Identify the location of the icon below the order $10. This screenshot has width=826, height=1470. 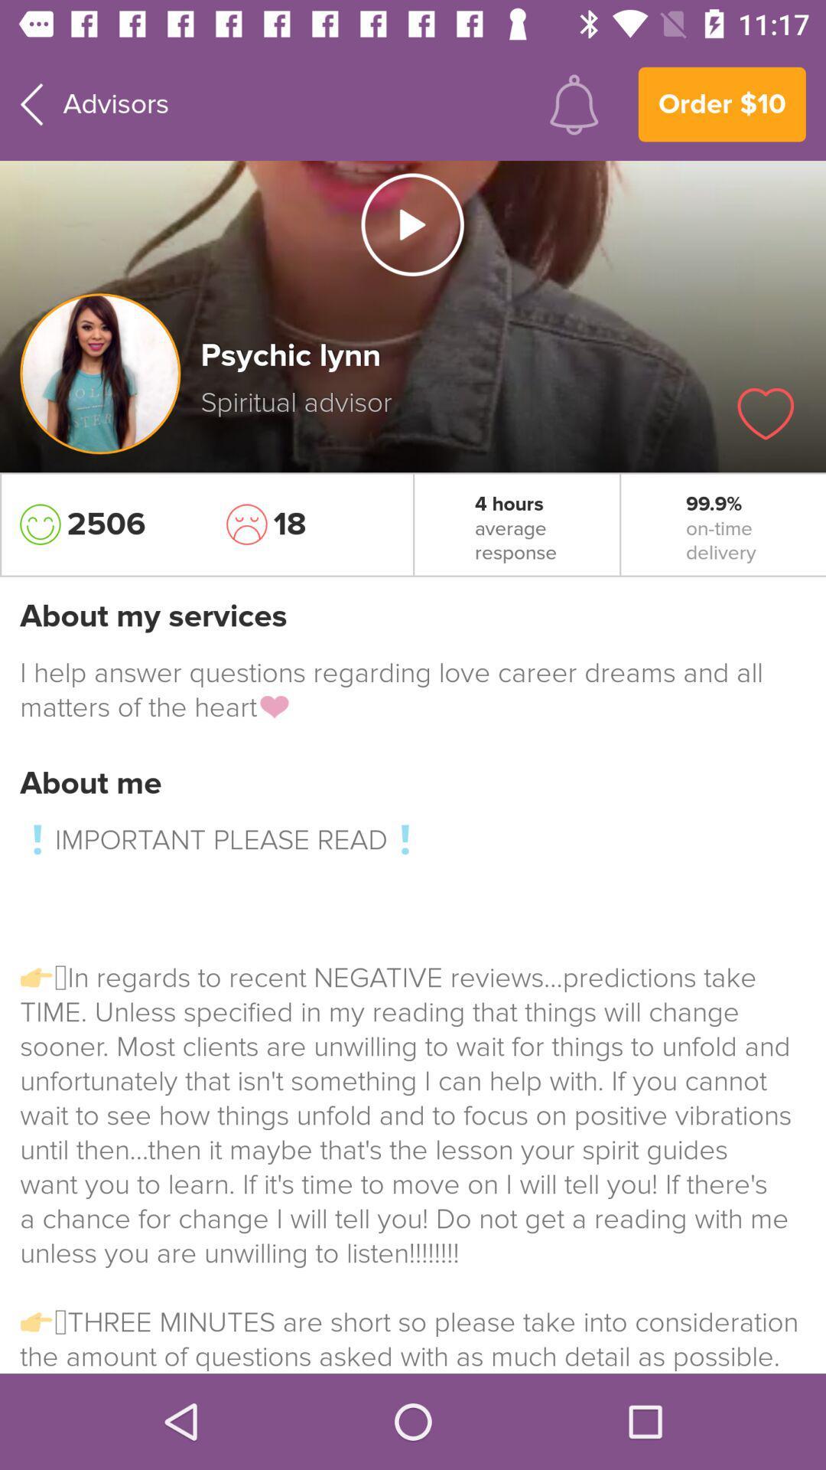
(766, 413).